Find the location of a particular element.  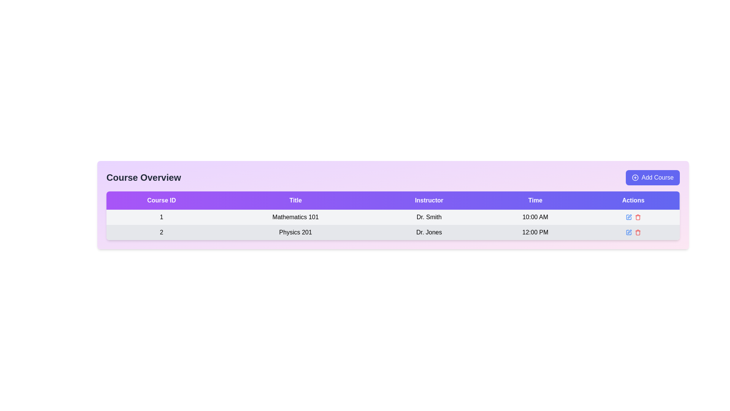

the text element displaying the number '2' in black, which is centered in the leftmost column of the second row of the table, under the 'Course ID' column is located at coordinates (161, 232).